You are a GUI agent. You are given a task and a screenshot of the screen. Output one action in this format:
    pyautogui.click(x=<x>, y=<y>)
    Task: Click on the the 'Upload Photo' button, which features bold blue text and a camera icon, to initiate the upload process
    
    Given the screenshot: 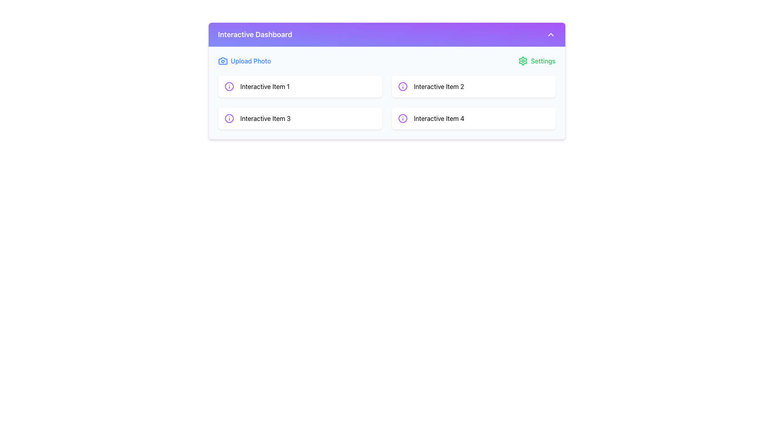 What is the action you would take?
    pyautogui.click(x=244, y=61)
    